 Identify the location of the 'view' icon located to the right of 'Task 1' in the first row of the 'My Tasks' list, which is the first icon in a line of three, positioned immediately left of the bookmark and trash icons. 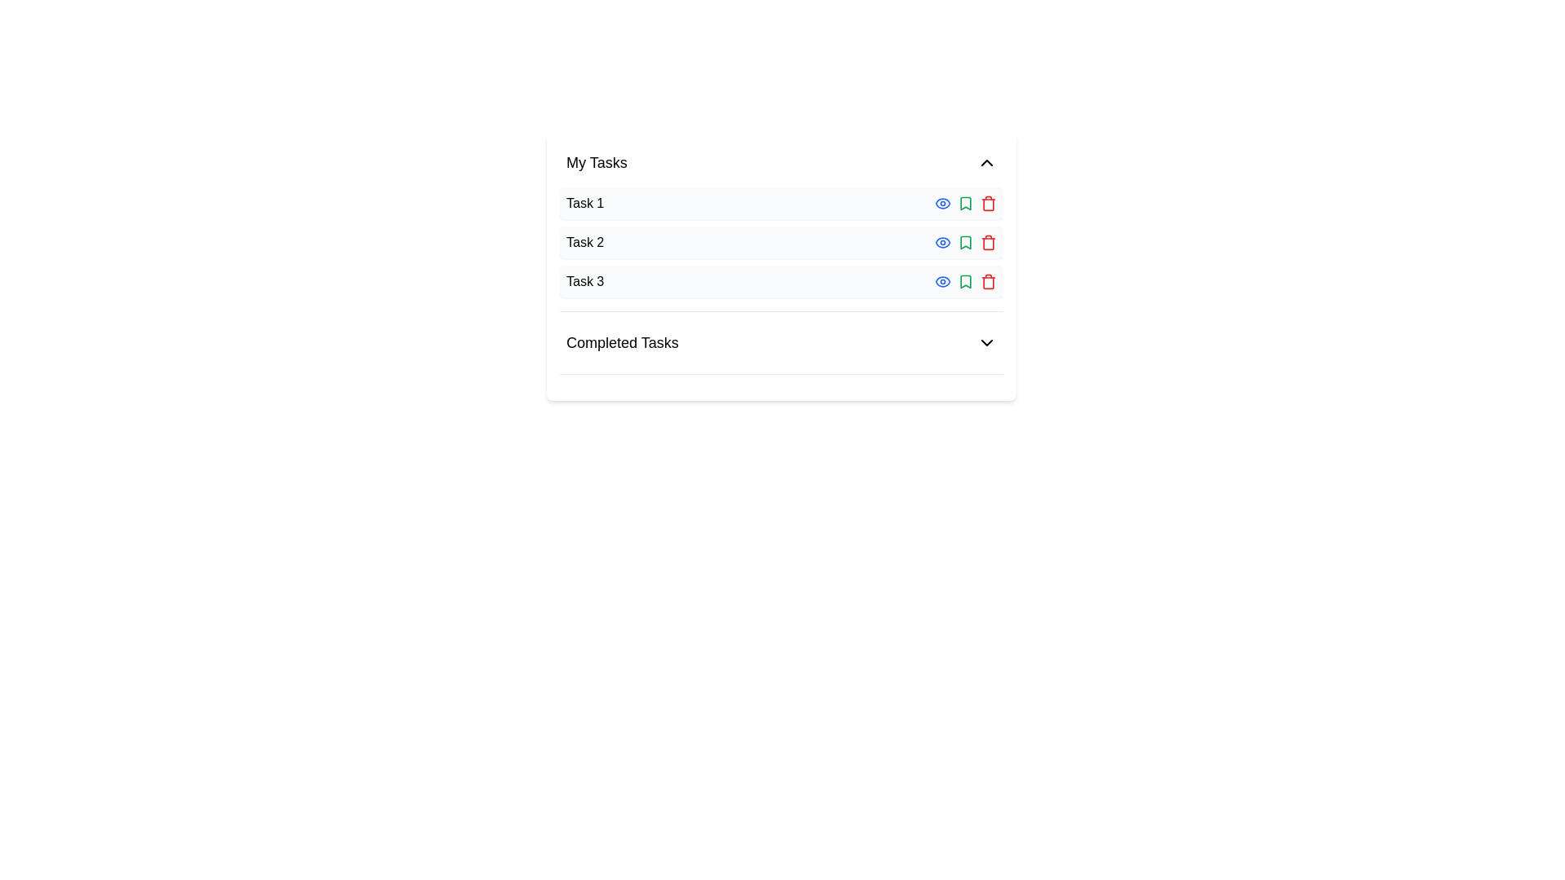
(942, 203).